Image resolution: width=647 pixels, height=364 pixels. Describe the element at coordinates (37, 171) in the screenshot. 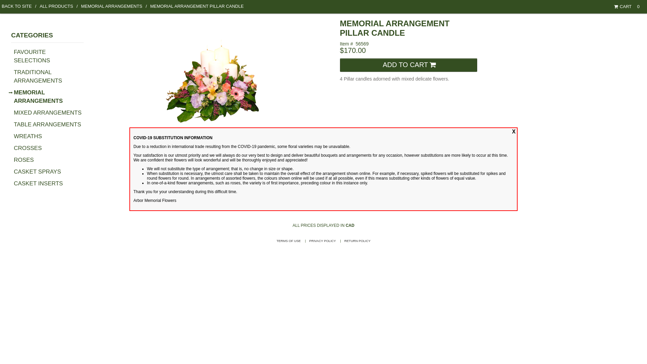

I see `'CASKET SPRAYS'` at that location.